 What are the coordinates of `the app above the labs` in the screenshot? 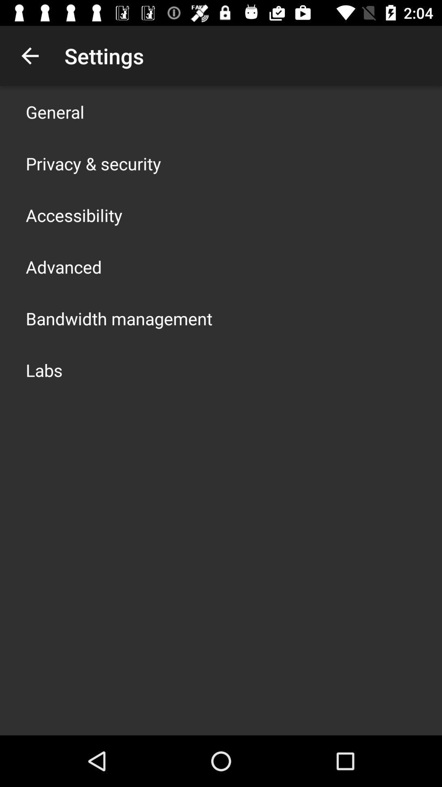 It's located at (119, 318).